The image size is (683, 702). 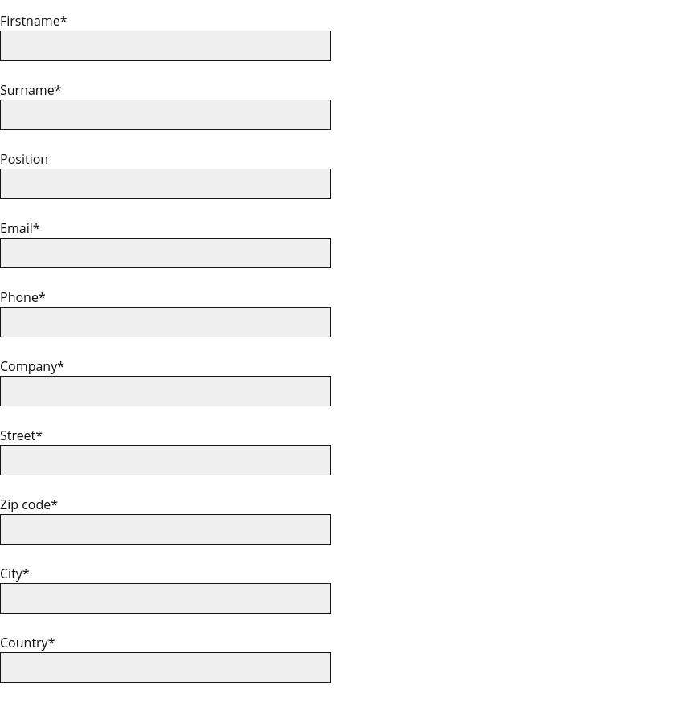 I want to click on 'Street*', so click(x=20, y=435).